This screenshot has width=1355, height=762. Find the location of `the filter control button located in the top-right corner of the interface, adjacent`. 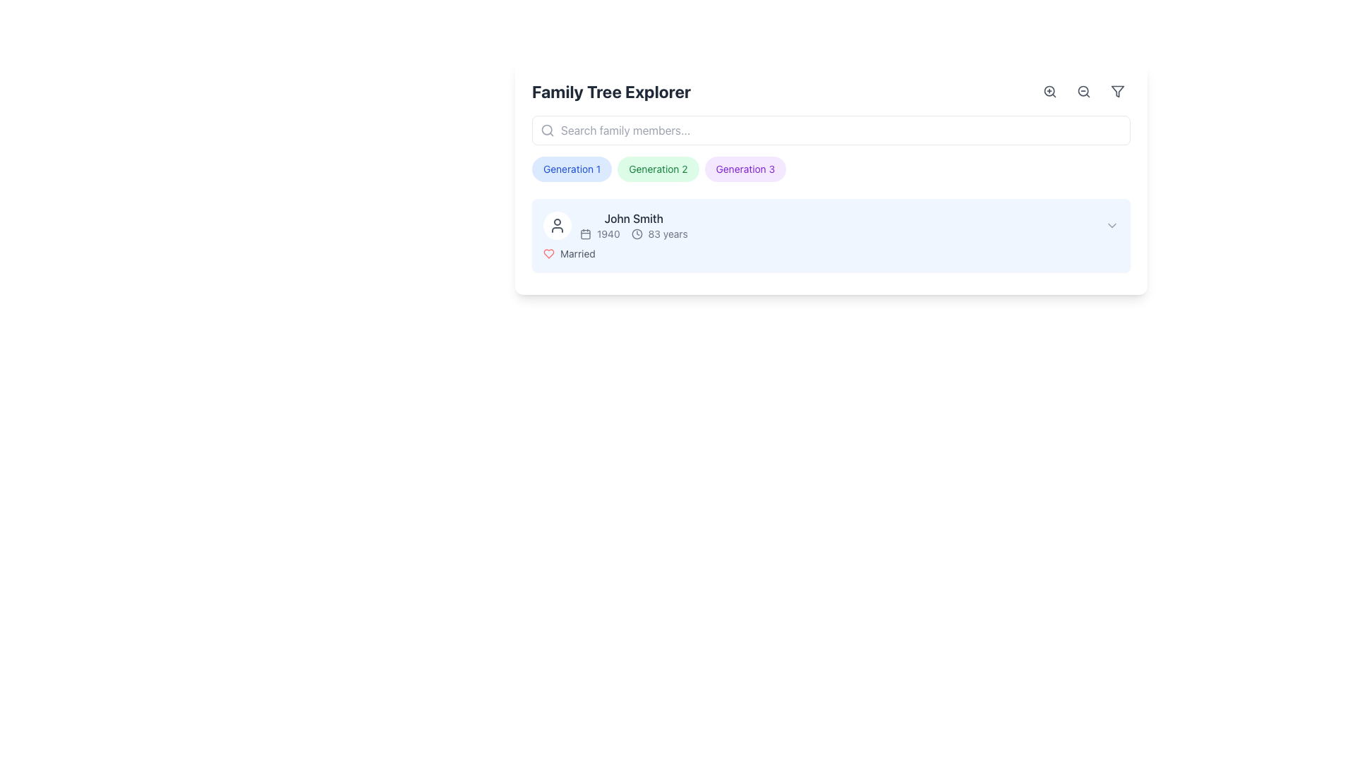

the filter control button located in the top-right corner of the interface, adjacent is located at coordinates (1117, 92).